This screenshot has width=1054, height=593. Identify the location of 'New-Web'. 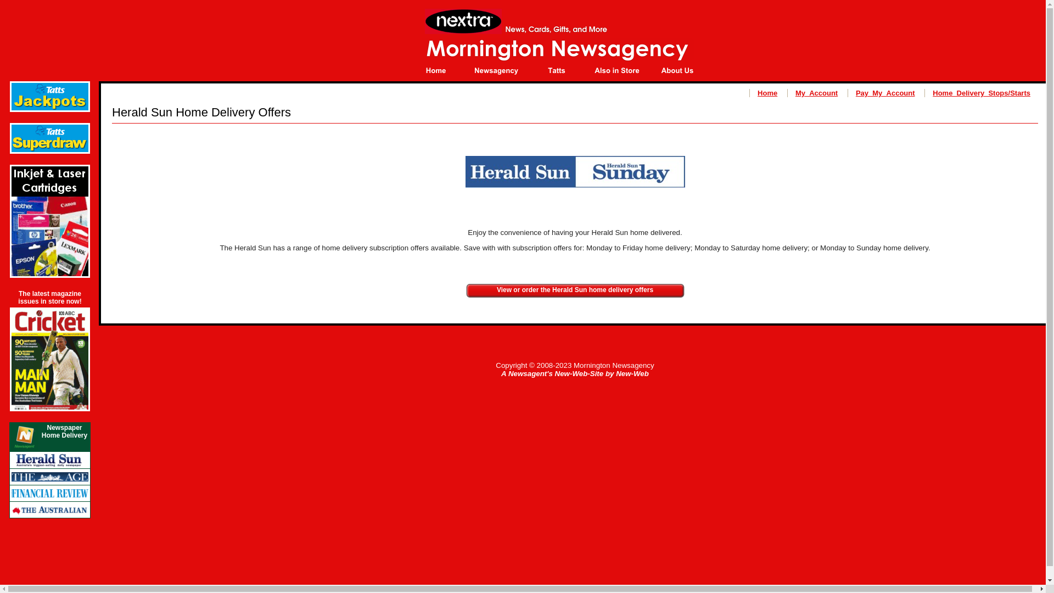
(632, 373).